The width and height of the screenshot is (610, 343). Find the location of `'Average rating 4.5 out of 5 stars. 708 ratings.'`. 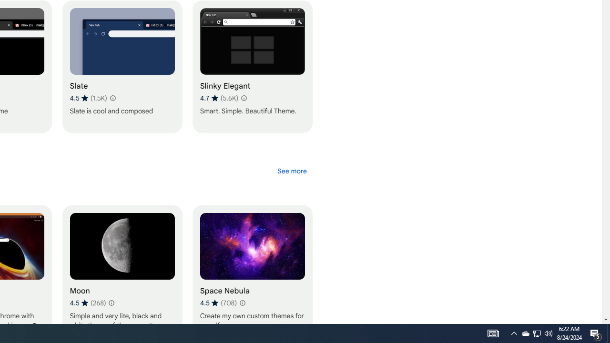

'Average rating 4.5 out of 5 stars. 708 ratings.' is located at coordinates (217, 303).